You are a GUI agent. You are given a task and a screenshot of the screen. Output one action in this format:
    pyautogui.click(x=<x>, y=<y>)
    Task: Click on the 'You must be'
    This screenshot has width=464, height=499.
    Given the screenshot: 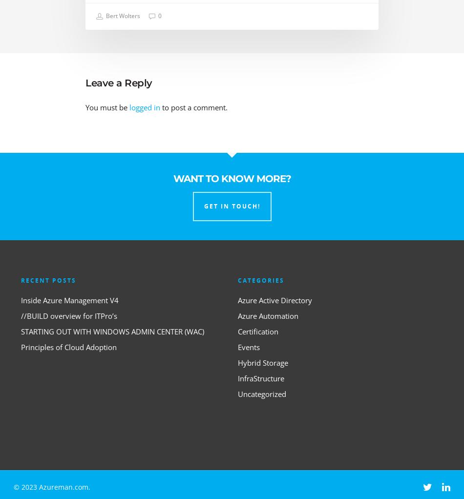 What is the action you would take?
    pyautogui.click(x=85, y=107)
    